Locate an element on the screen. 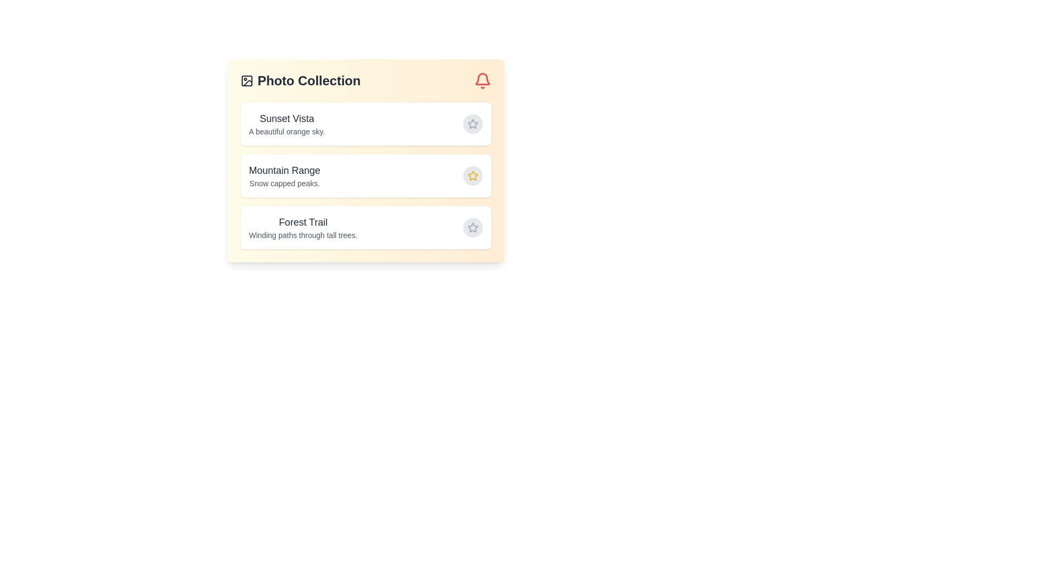  the notification bell icon is located at coordinates (482, 80).